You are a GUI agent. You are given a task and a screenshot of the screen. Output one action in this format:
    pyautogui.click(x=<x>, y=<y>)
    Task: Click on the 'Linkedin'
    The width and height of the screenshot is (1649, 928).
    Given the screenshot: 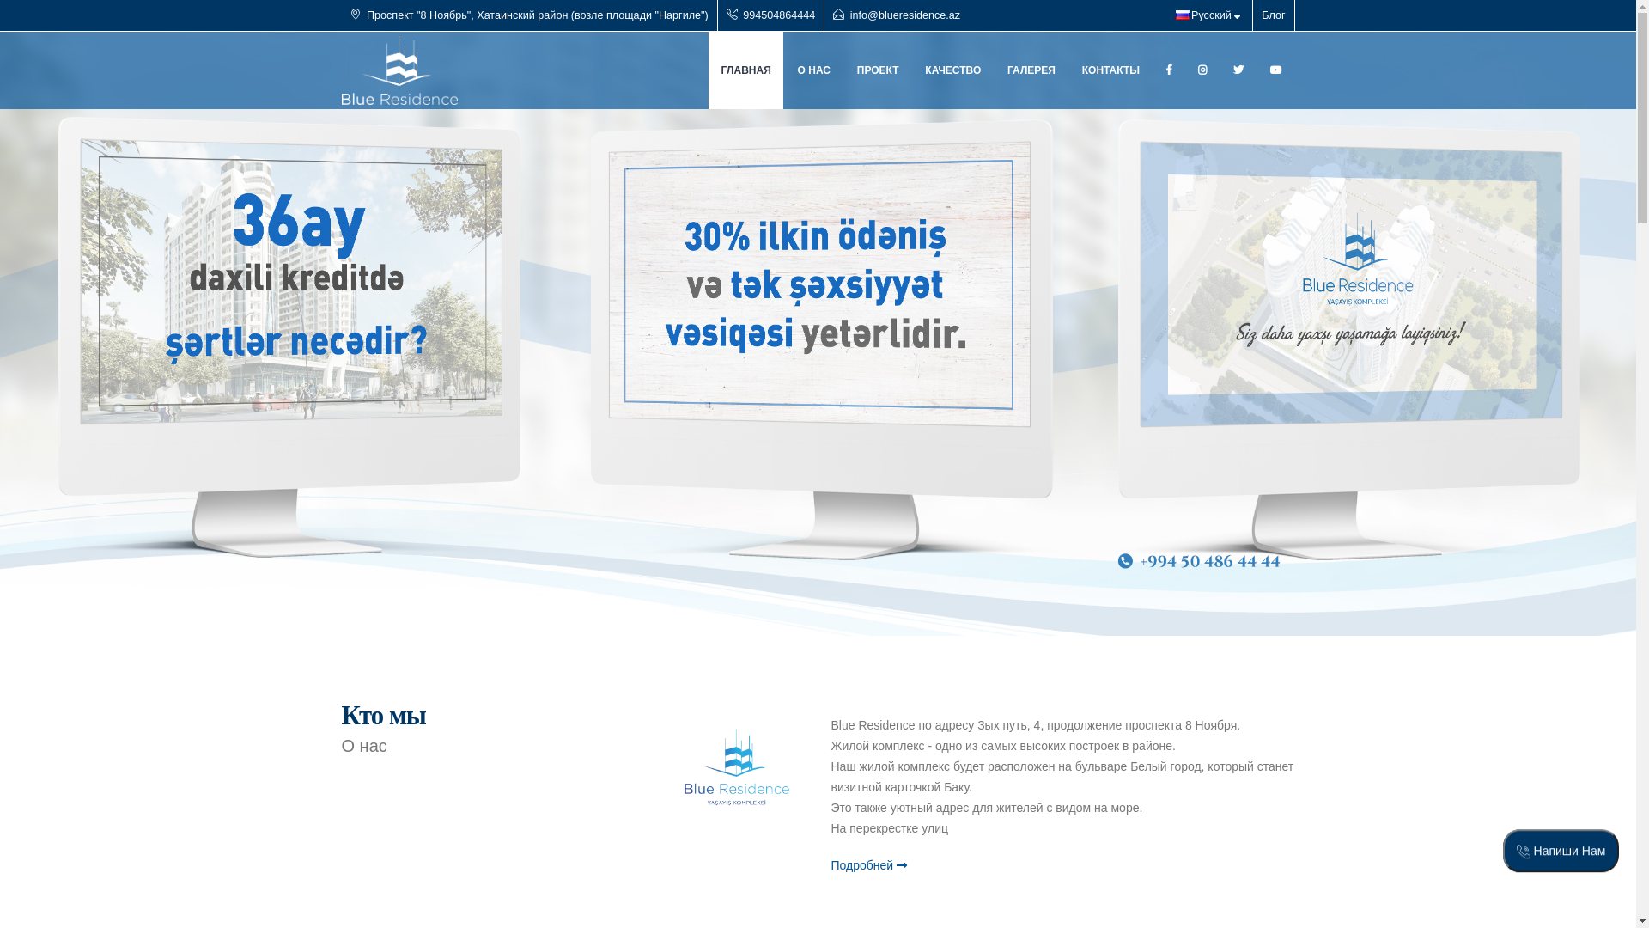 What is the action you would take?
    pyautogui.click(x=1238, y=69)
    